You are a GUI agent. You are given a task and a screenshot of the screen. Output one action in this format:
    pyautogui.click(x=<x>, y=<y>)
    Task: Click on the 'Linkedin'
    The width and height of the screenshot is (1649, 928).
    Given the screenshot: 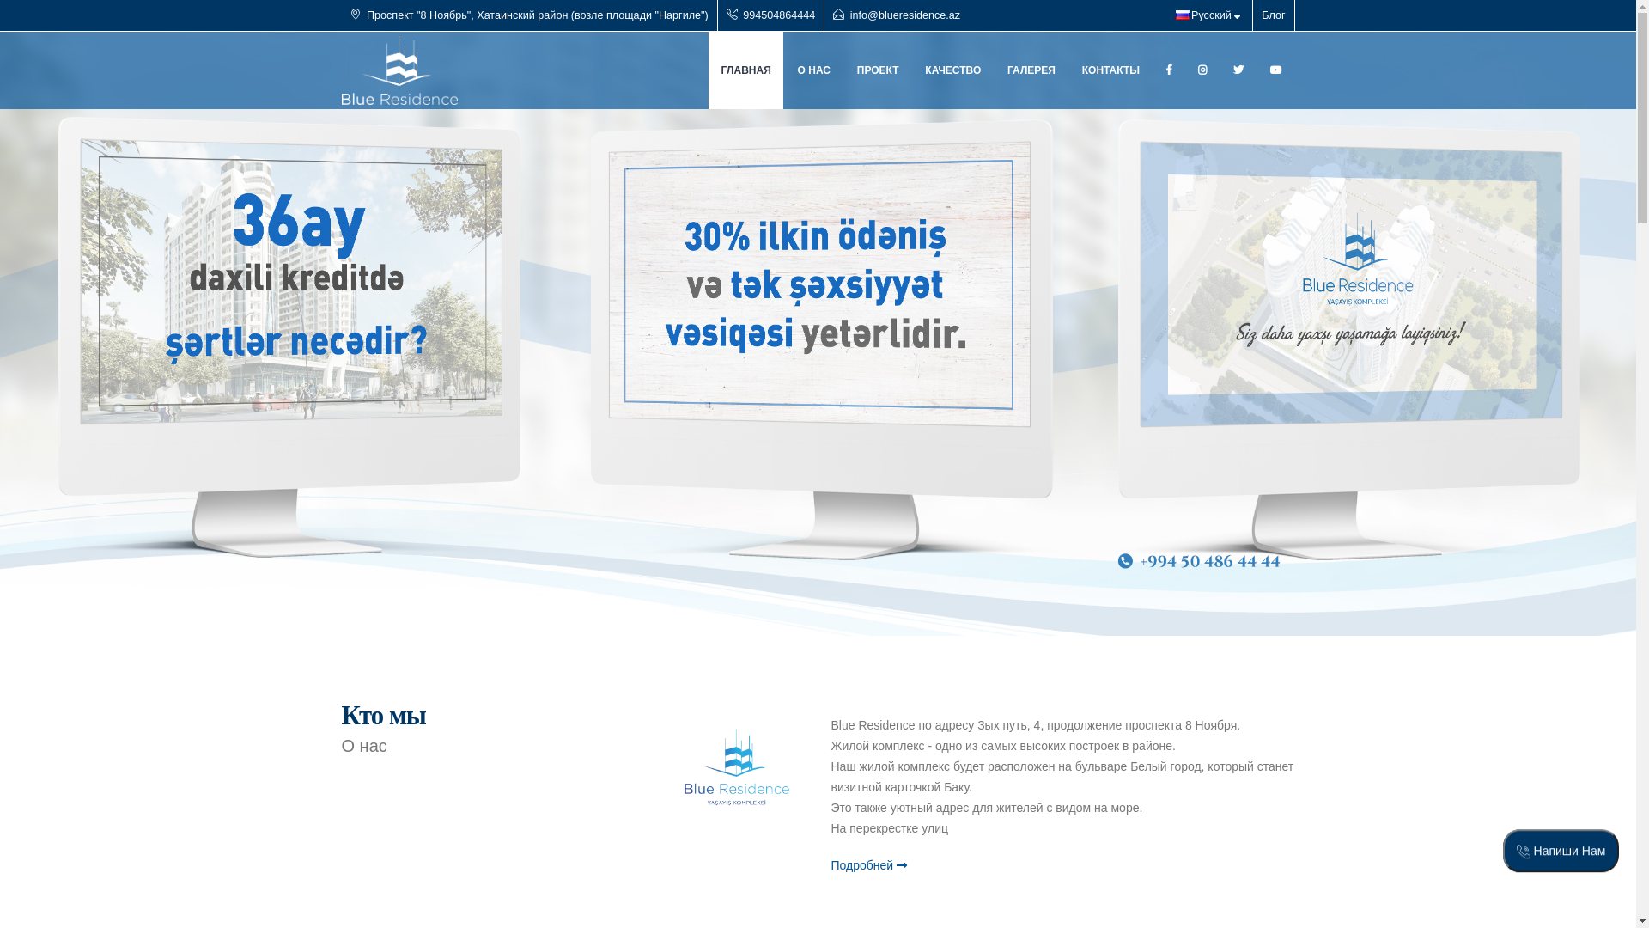 What is the action you would take?
    pyautogui.click(x=1238, y=69)
    